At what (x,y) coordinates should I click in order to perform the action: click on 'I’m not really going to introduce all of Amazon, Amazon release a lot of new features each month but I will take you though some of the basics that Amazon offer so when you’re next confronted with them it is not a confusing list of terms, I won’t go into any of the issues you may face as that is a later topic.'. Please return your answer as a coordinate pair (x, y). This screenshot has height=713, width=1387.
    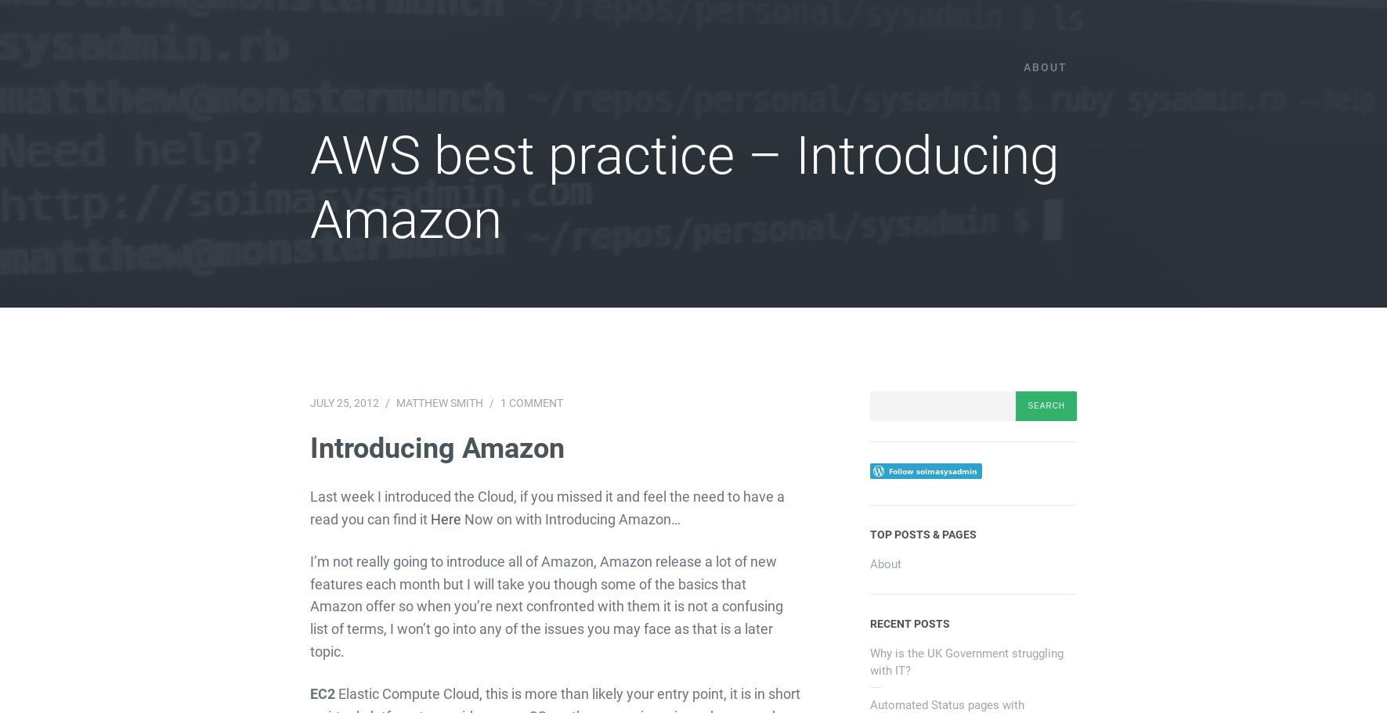
    Looking at the image, I should click on (546, 606).